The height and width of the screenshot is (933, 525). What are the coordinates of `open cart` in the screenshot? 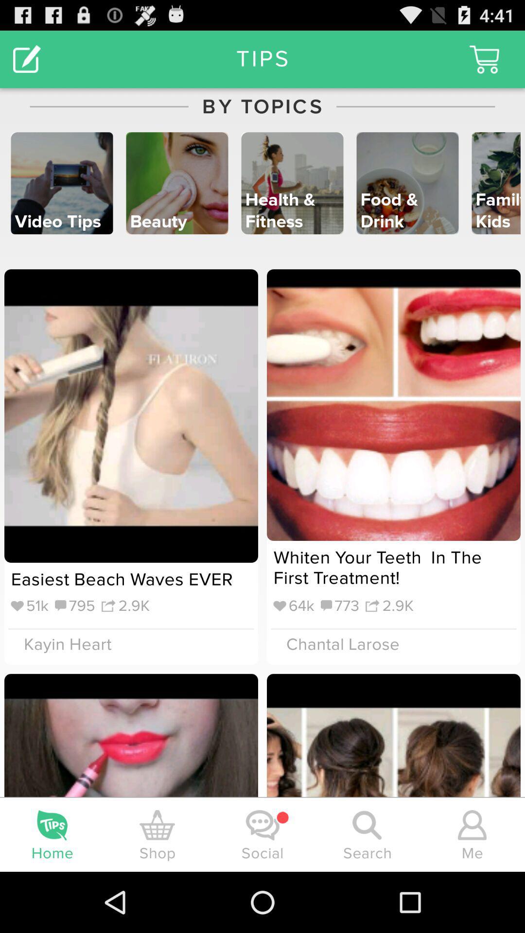 It's located at (484, 59).